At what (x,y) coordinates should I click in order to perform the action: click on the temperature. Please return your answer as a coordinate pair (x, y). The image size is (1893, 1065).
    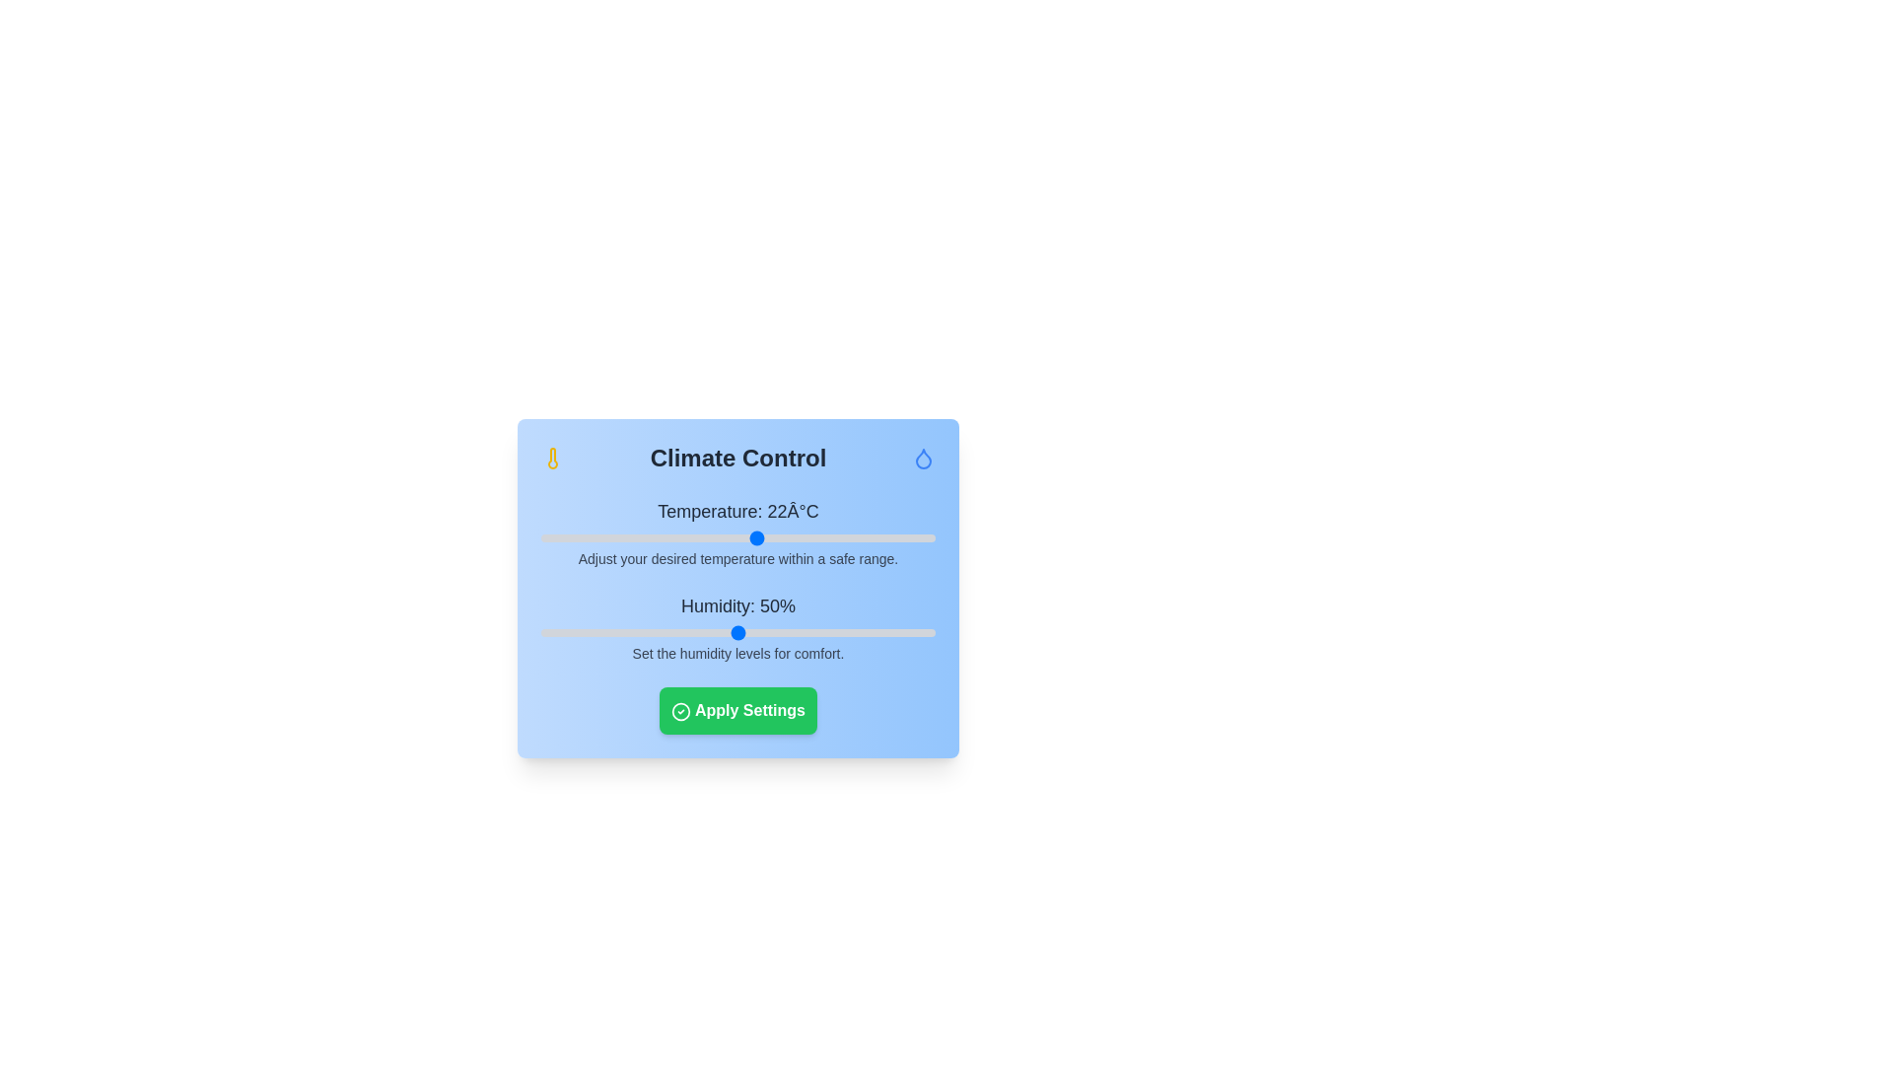
    Looking at the image, I should click on (866, 538).